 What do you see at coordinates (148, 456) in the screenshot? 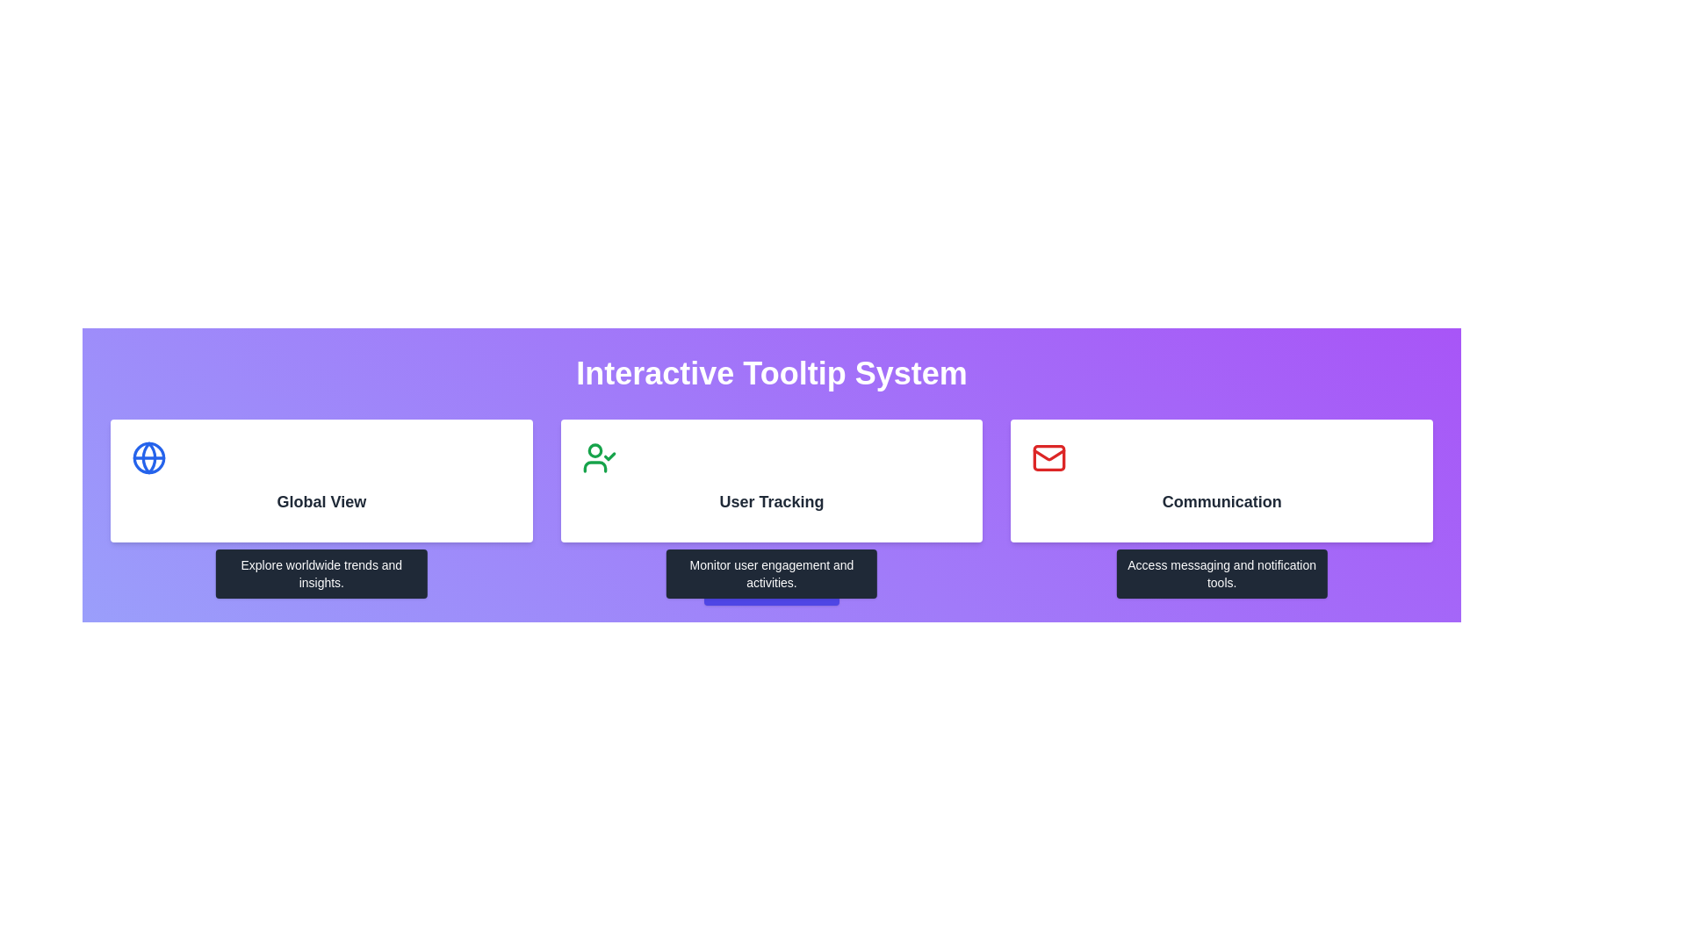
I see `the 'Global View' icon located at the top-left corner of the white card titled 'Global View'` at bounding box center [148, 456].